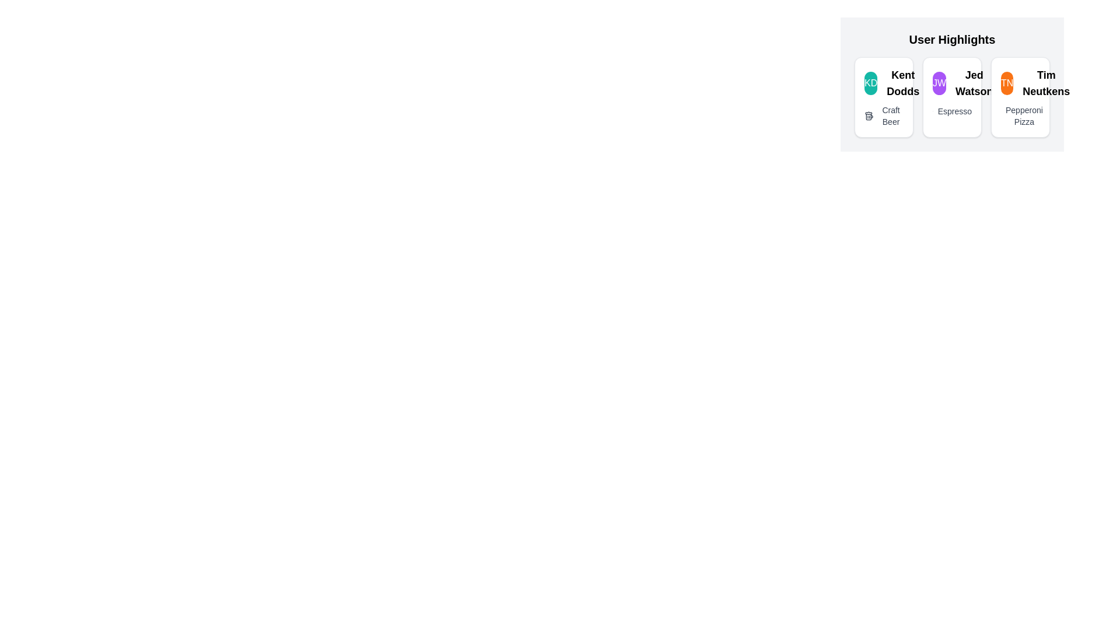 Image resolution: width=1120 pixels, height=630 pixels. What do you see at coordinates (939, 82) in the screenshot?
I see `the circular avatar with a purple background and white text 'JW' located in the top-right section of the interface, next to the name label 'Jed Watson'` at bounding box center [939, 82].